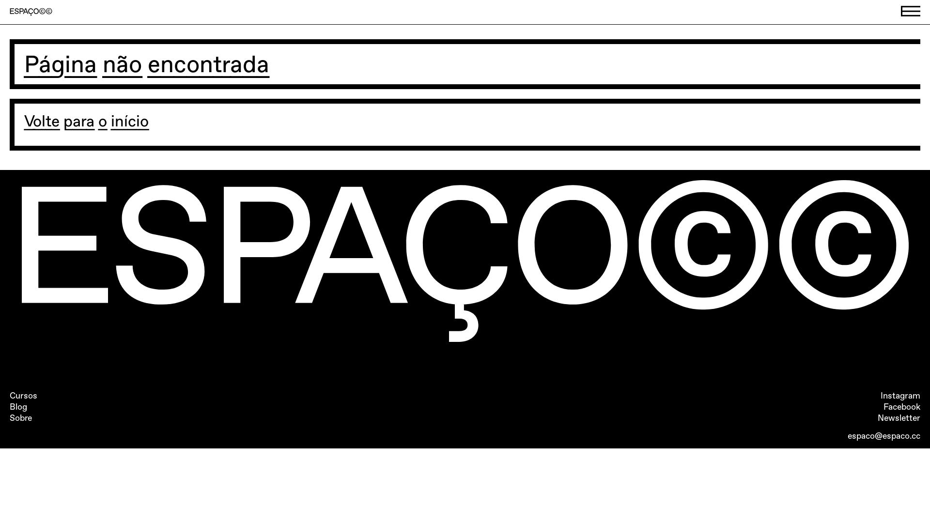  I want to click on 'Cursos', so click(23, 396).